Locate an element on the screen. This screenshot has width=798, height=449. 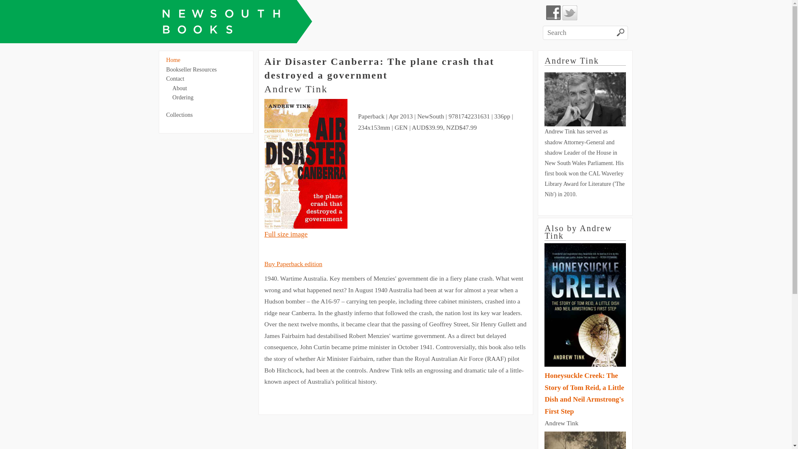
'Bookseller Resources' is located at coordinates (191, 69).